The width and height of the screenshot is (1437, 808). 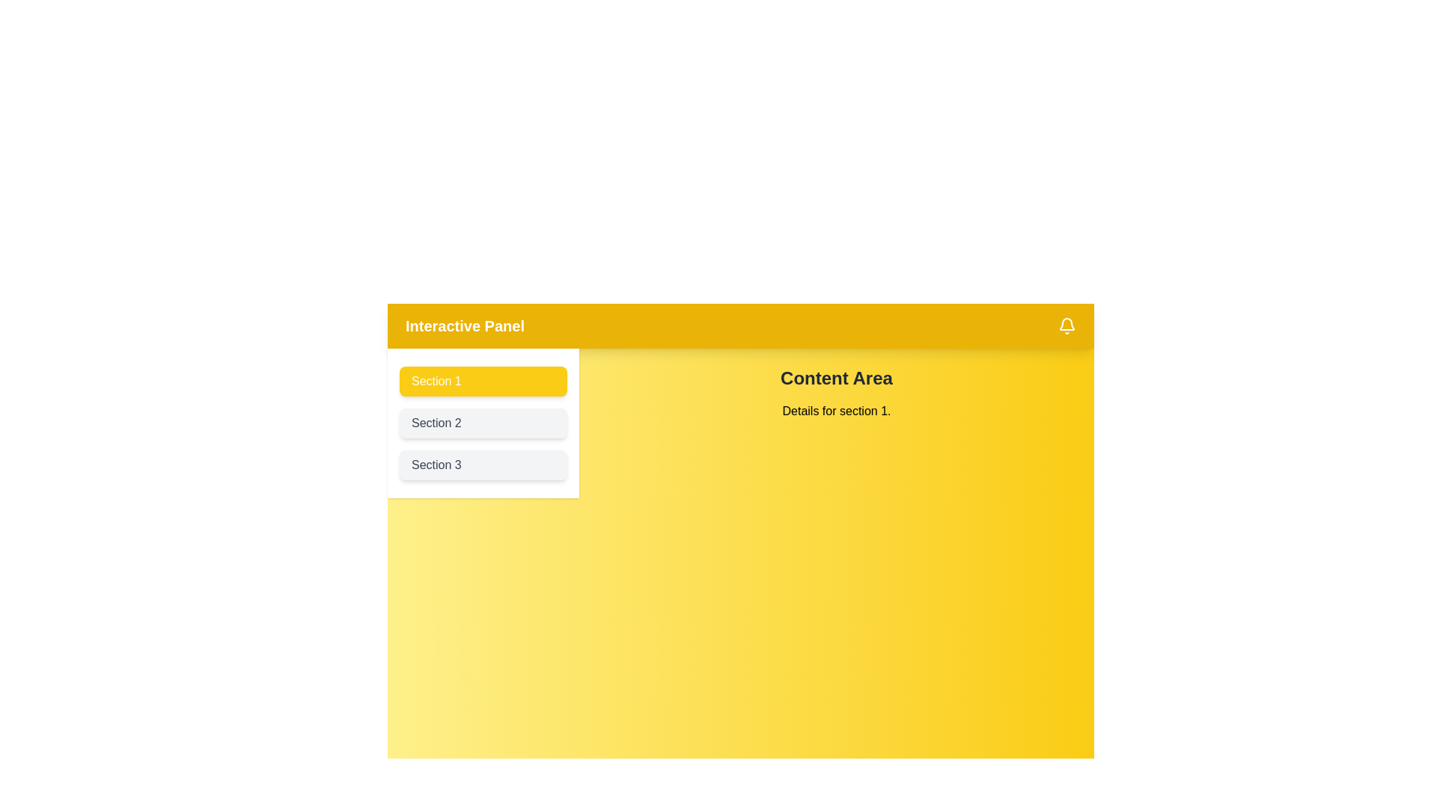 I want to click on the static text label providing information for 'section 1', located in the middle-right section below the 'Content Area' heading, so click(x=836, y=411).